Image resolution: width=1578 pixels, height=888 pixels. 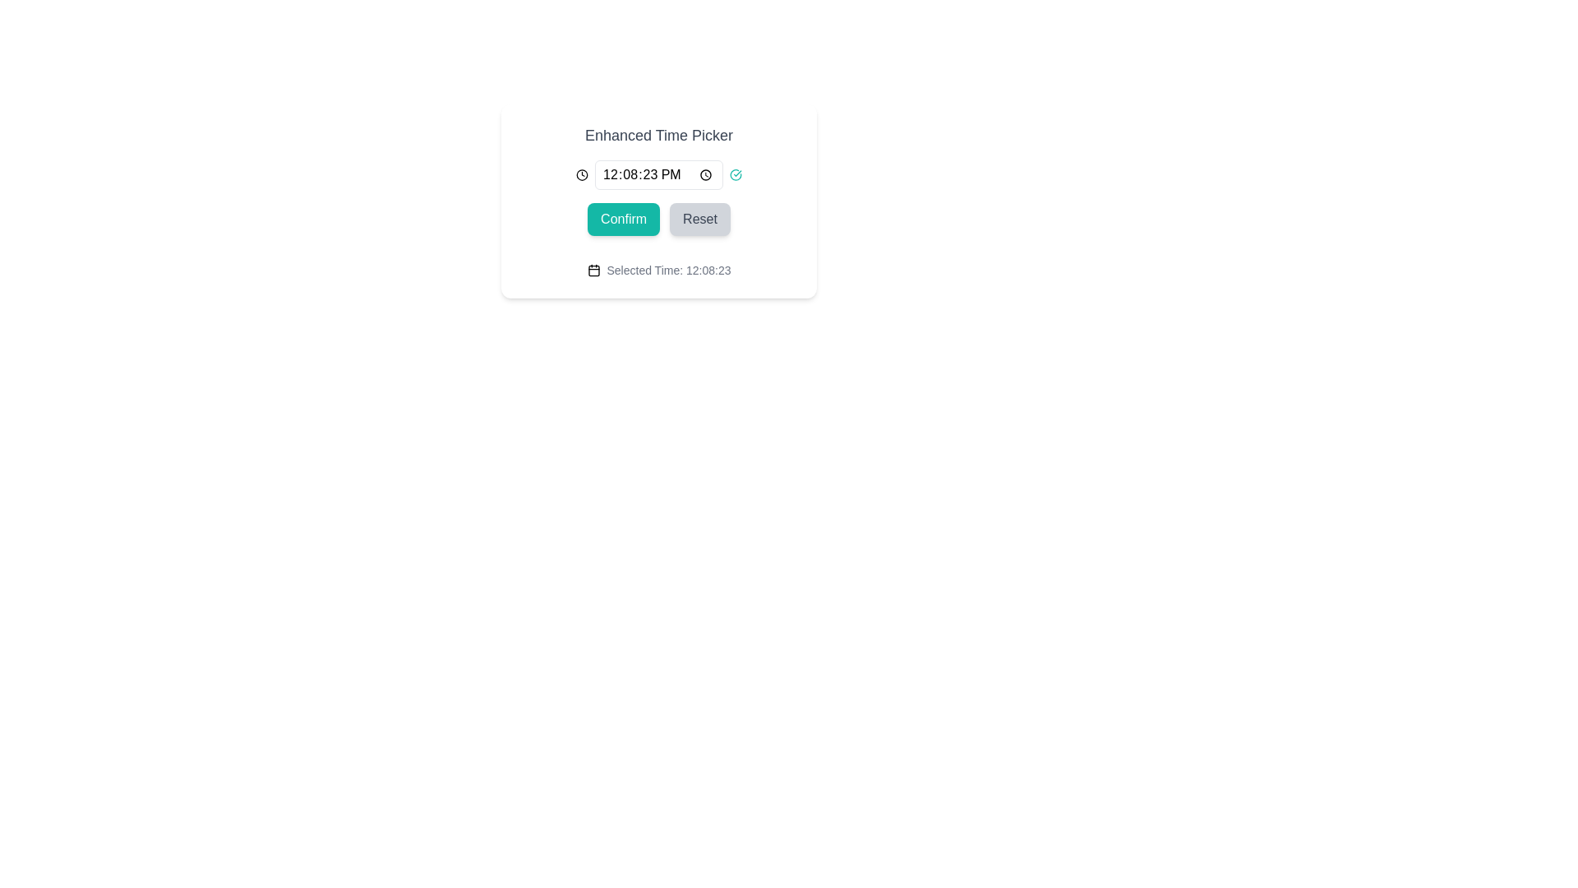 What do you see at coordinates (658, 174) in the screenshot?
I see `the time value displayed as '12:08:23 PM' in the Time Picker Group` at bounding box center [658, 174].